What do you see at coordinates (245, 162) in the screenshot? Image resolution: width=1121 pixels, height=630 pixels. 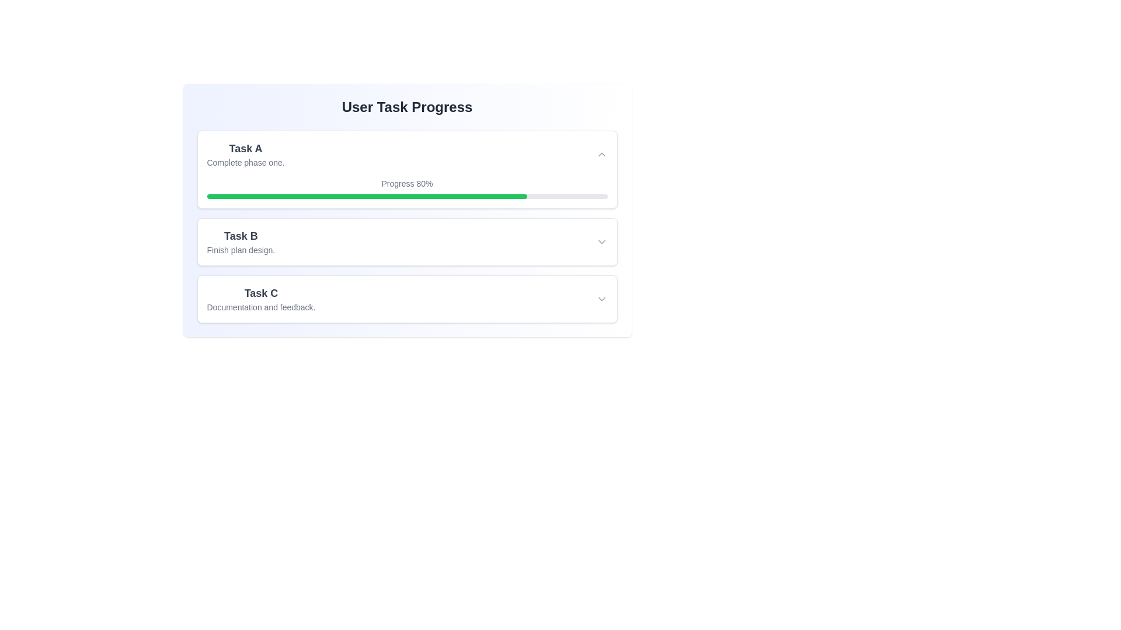 I see `the text label displaying 'Complete phase one.' which is positioned below the title 'Task A'` at bounding box center [245, 162].